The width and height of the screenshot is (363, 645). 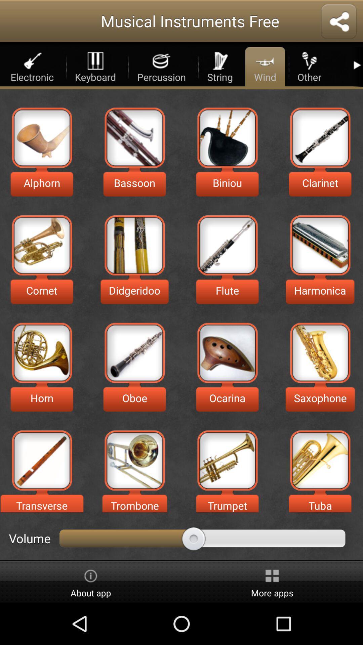 I want to click on choose didgeridoo, so click(x=134, y=245).